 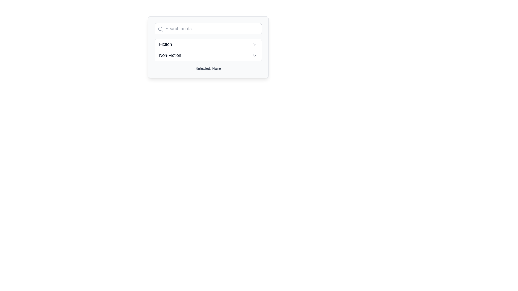 I want to click on the static text display that reads 'Selected: None', which is positioned below the 'Non-Fiction' dropdown menu in the 'Search books' panel, so click(x=208, y=68).